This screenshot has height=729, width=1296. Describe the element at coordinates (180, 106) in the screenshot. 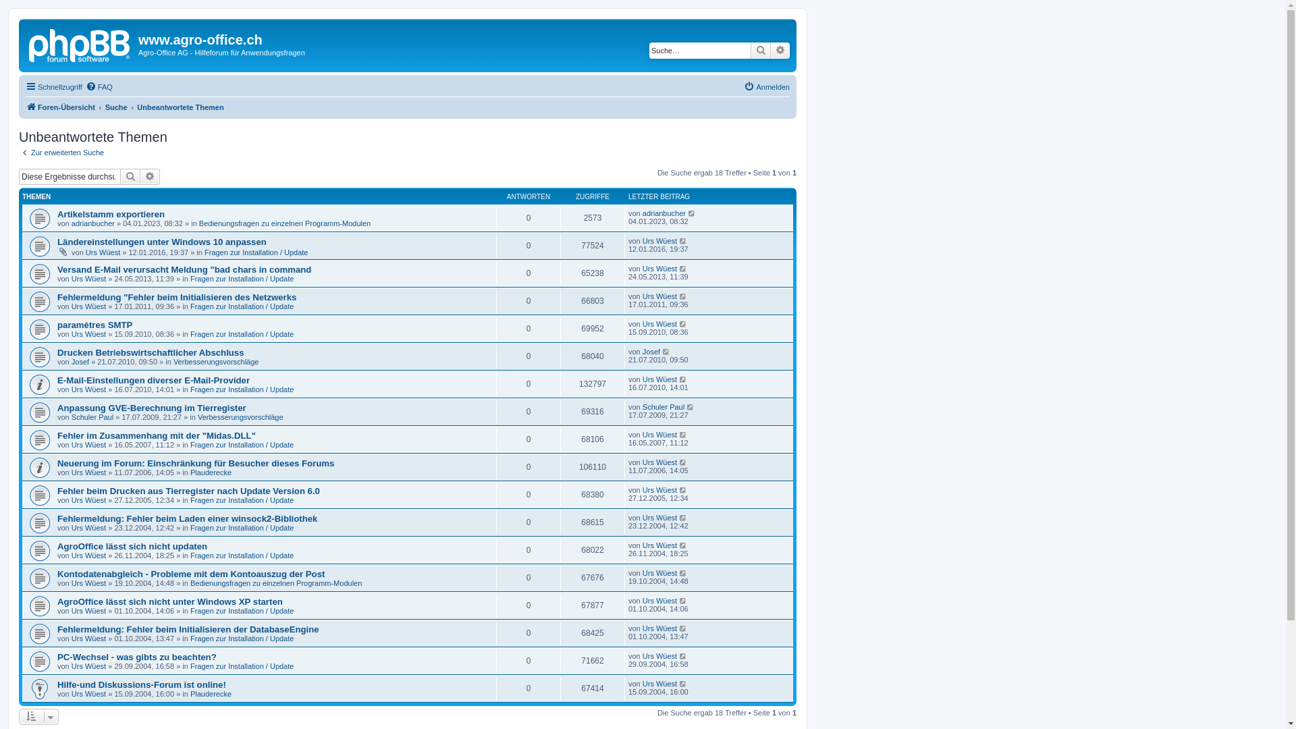

I see `'Unbeantwortete Themen'` at that location.